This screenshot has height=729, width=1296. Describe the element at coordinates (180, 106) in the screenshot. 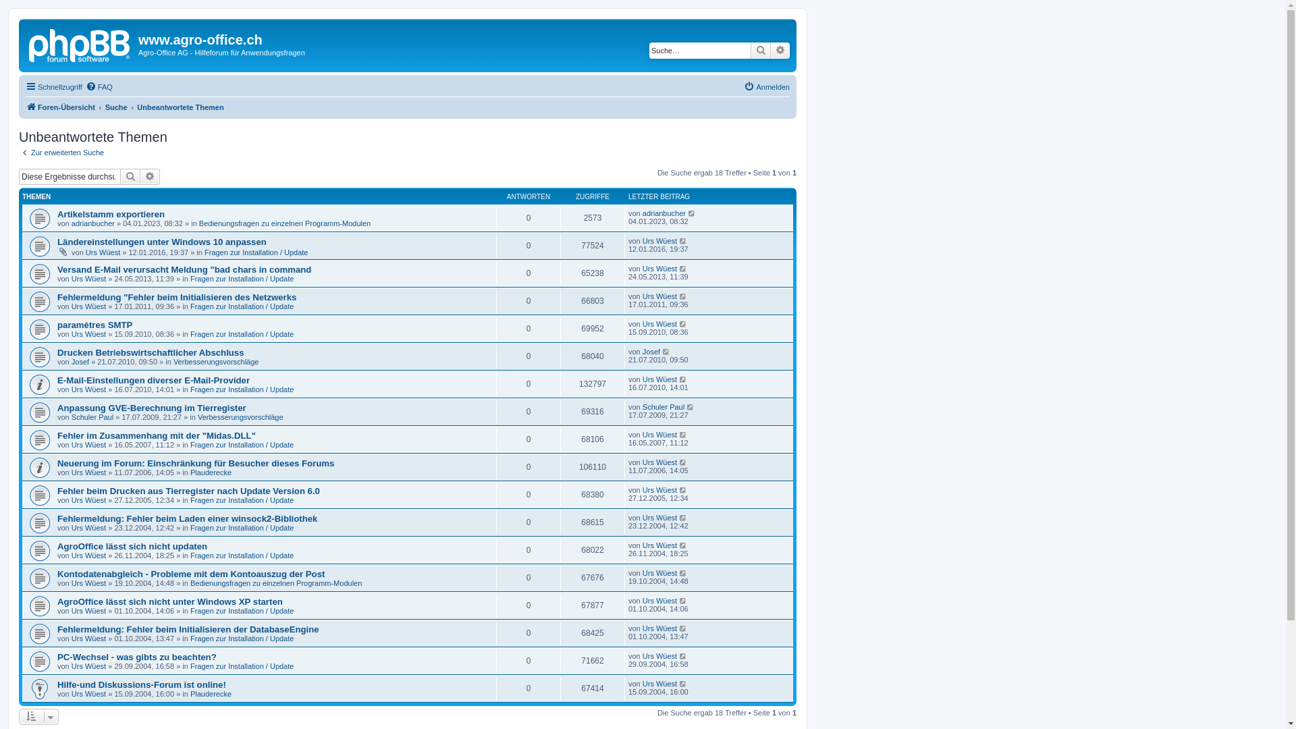

I see `'Unbeantwortete Themen'` at that location.